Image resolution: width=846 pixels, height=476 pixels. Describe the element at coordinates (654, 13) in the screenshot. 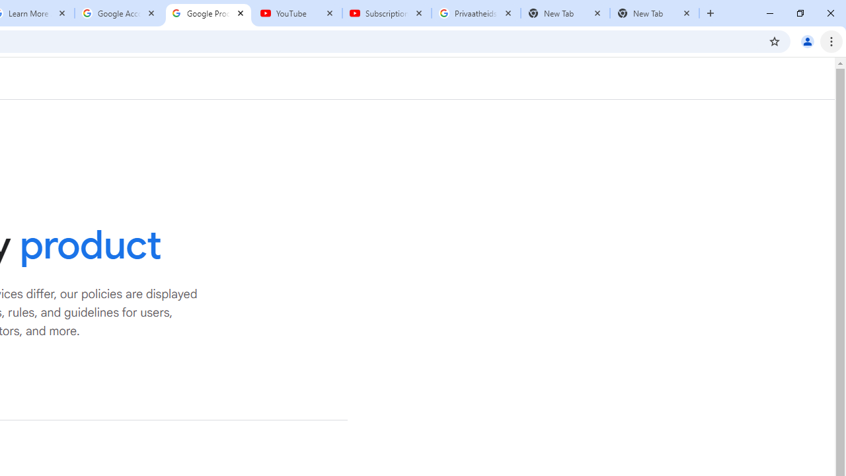

I see `'New Tab'` at that location.